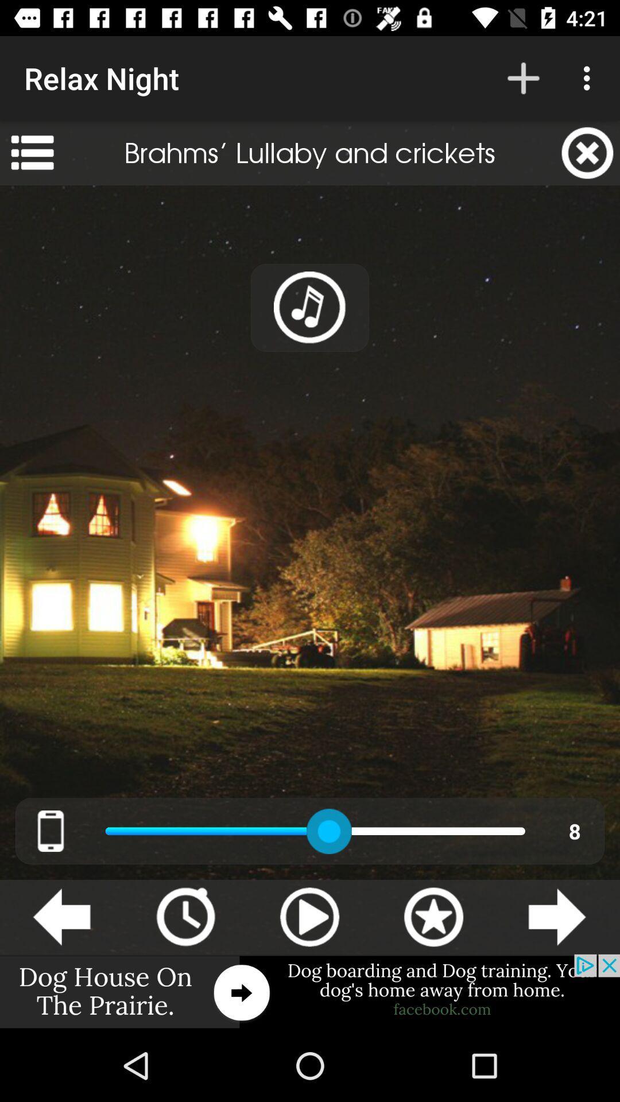  What do you see at coordinates (523, 77) in the screenshot?
I see `the app to the right of the relax night` at bounding box center [523, 77].